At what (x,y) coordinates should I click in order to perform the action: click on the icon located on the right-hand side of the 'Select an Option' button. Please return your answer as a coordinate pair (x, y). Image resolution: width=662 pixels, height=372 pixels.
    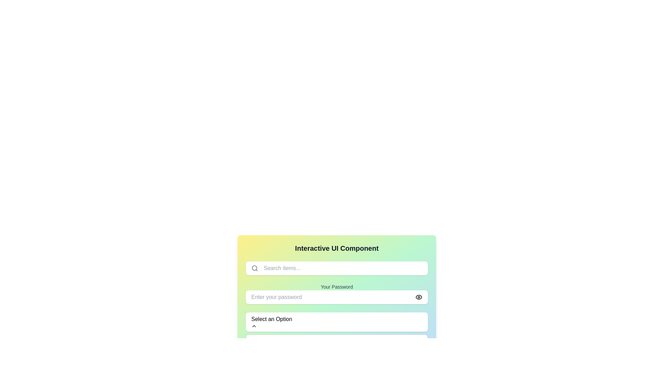
    Looking at the image, I should click on (254, 326).